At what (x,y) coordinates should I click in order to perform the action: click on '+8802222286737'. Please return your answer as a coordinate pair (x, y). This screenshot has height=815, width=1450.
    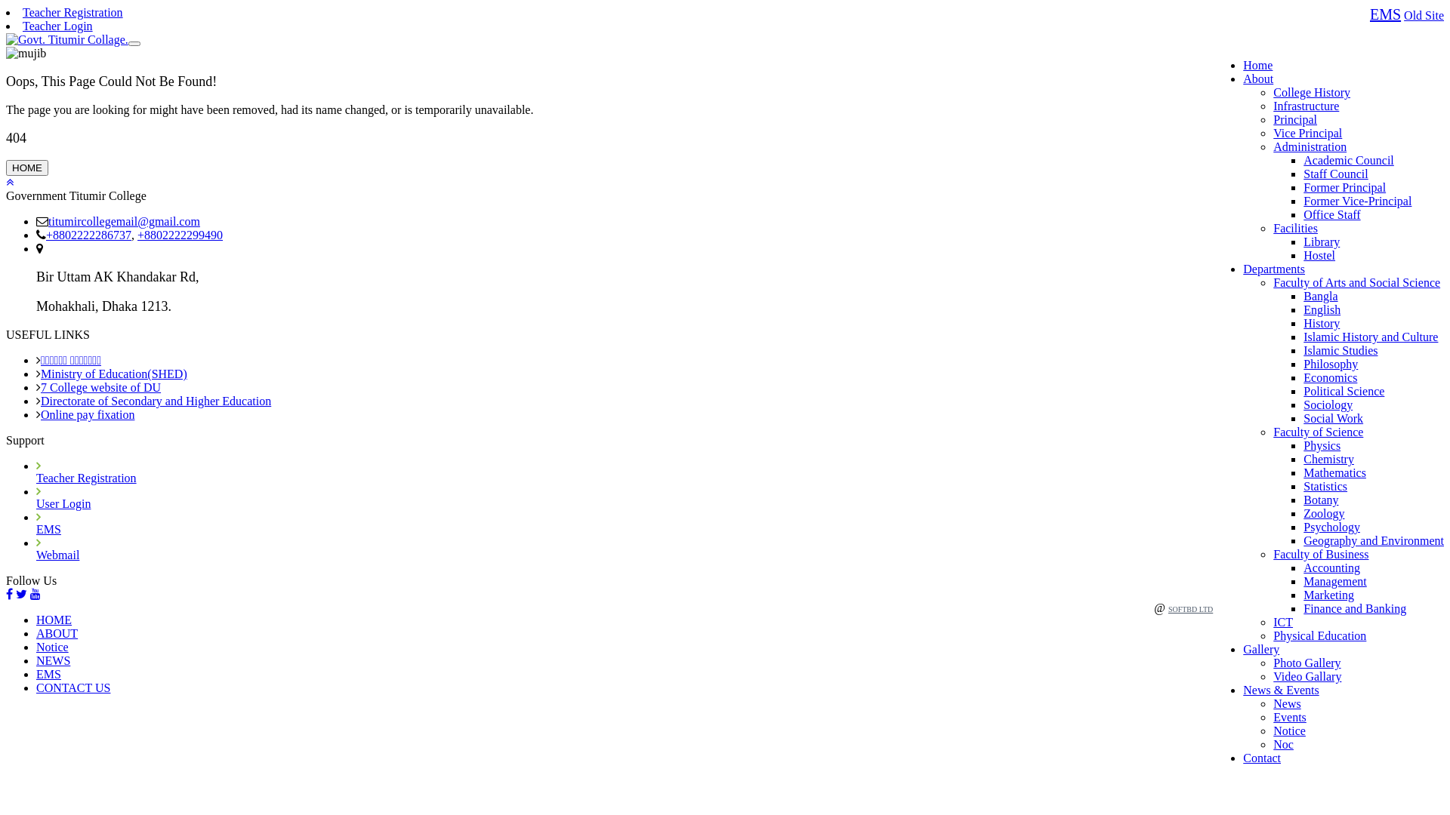
    Looking at the image, I should click on (88, 235).